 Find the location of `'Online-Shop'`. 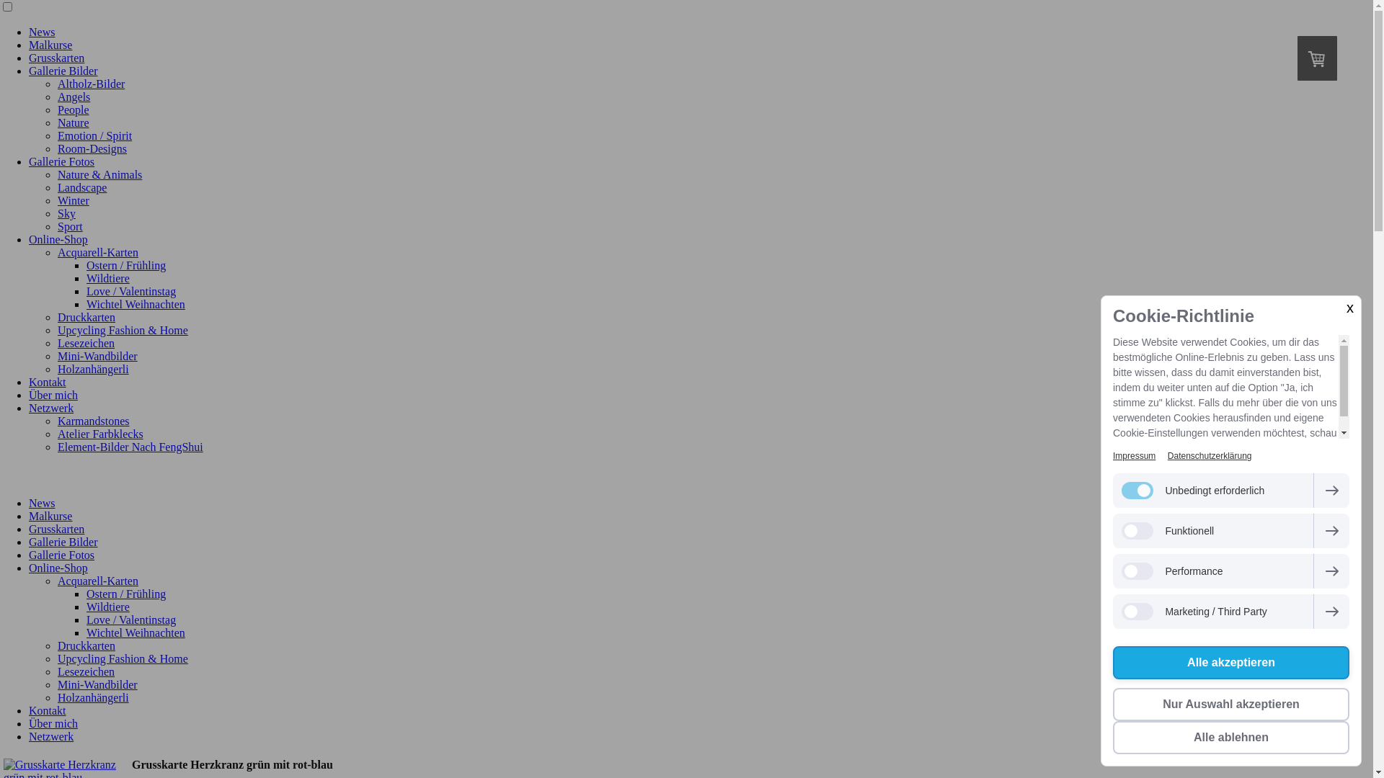

'Online-Shop' is located at coordinates (28, 567).